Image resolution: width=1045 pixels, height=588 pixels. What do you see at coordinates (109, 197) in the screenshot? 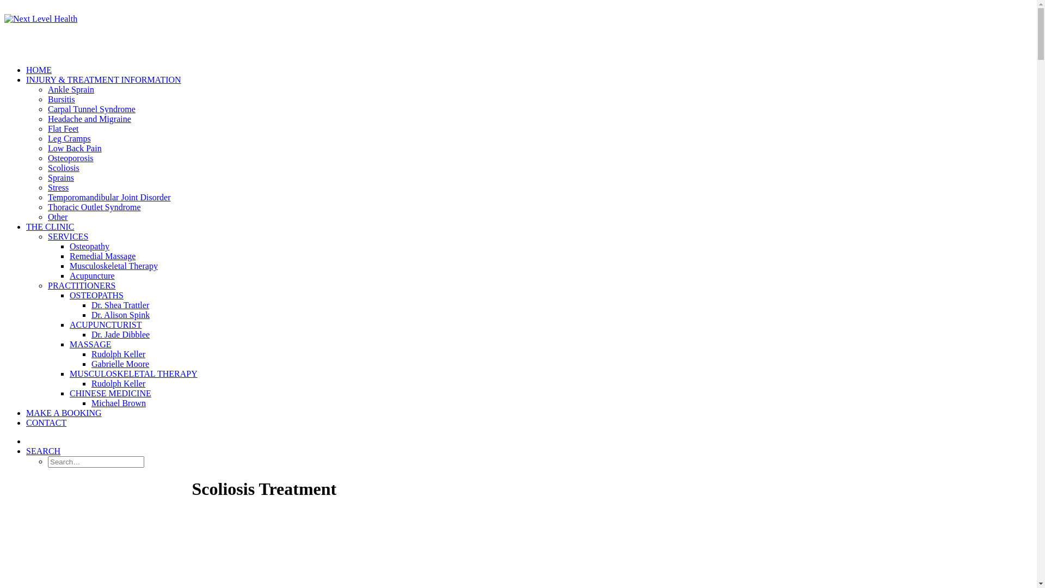
I see `'Temporomandibular Joint Disorder'` at bounding box center [109, 197].